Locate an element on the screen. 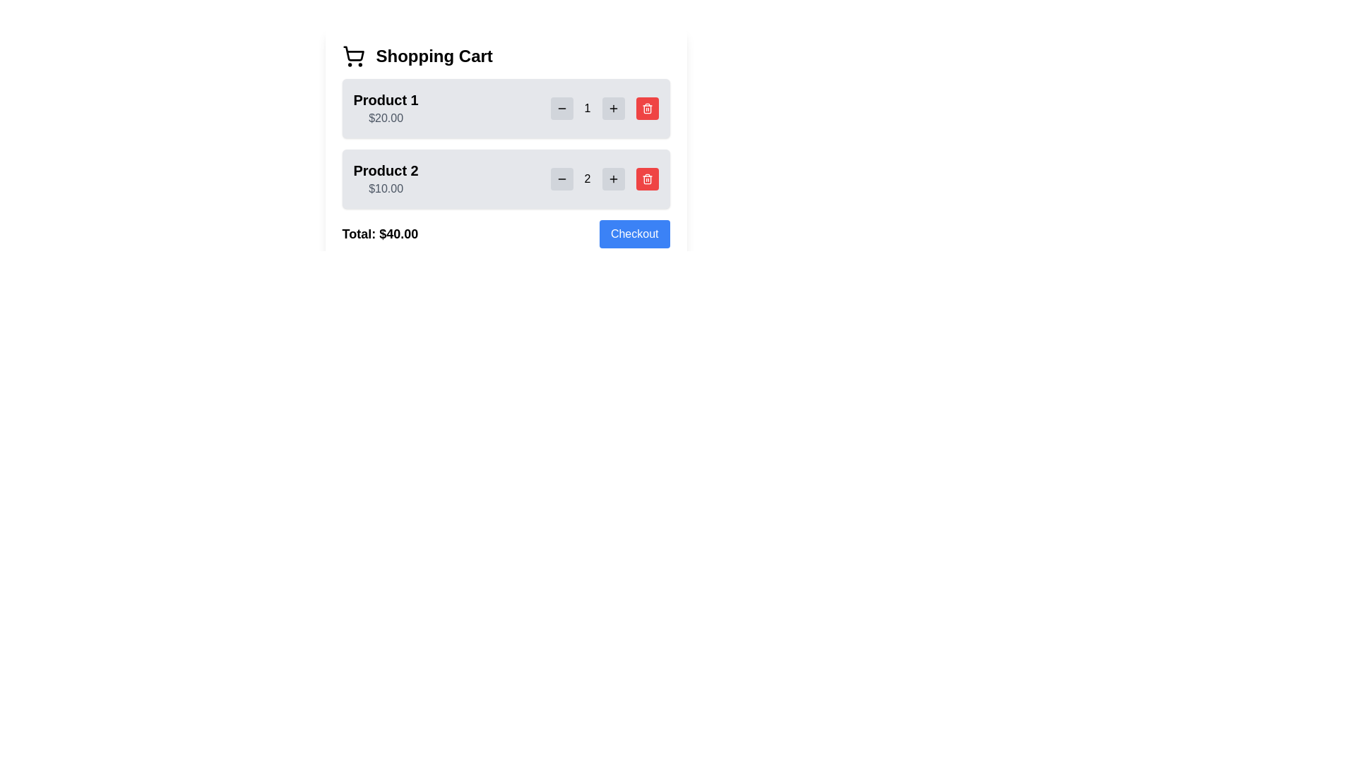  the minus icon button in the shopping cart interface is located at coordinates (561, 108).